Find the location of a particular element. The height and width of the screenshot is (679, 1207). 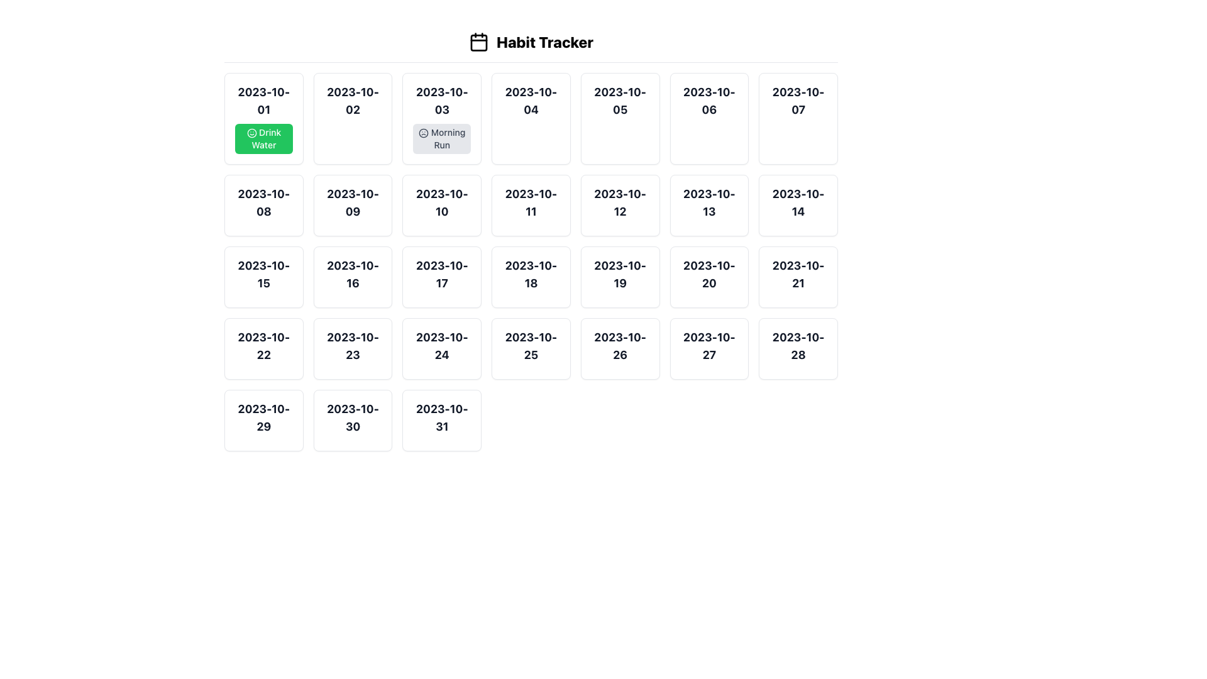

the calendar day box displaying the date '2023-10-21' located at row 4, column 6 in the grid layout is located at coordinates (798, 276).